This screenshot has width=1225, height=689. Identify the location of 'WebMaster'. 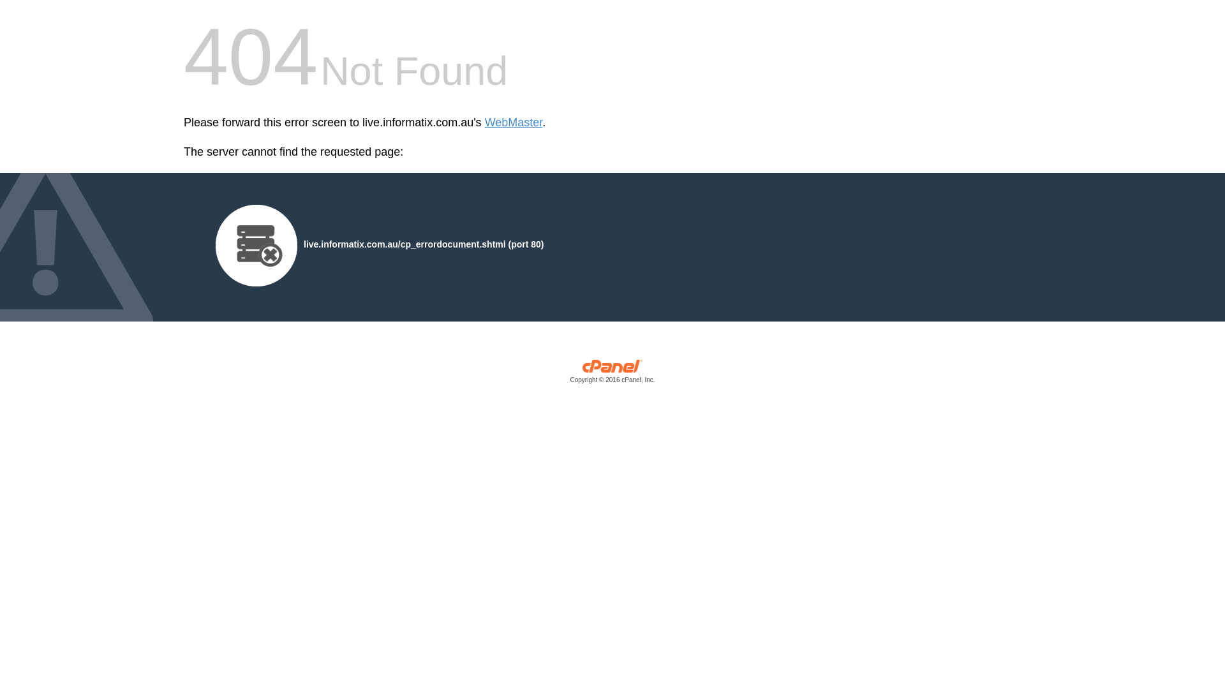
(514, 122).